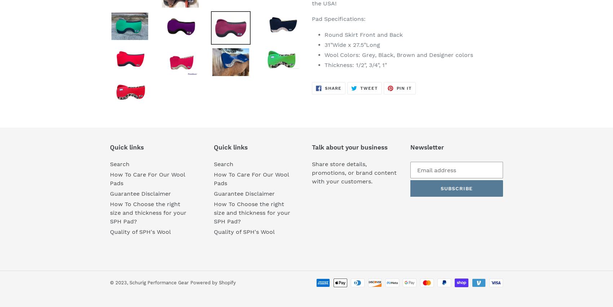 The height and width of the screenshot is (307, 613). I want to click on 'Subscribe', so click(440, 188).